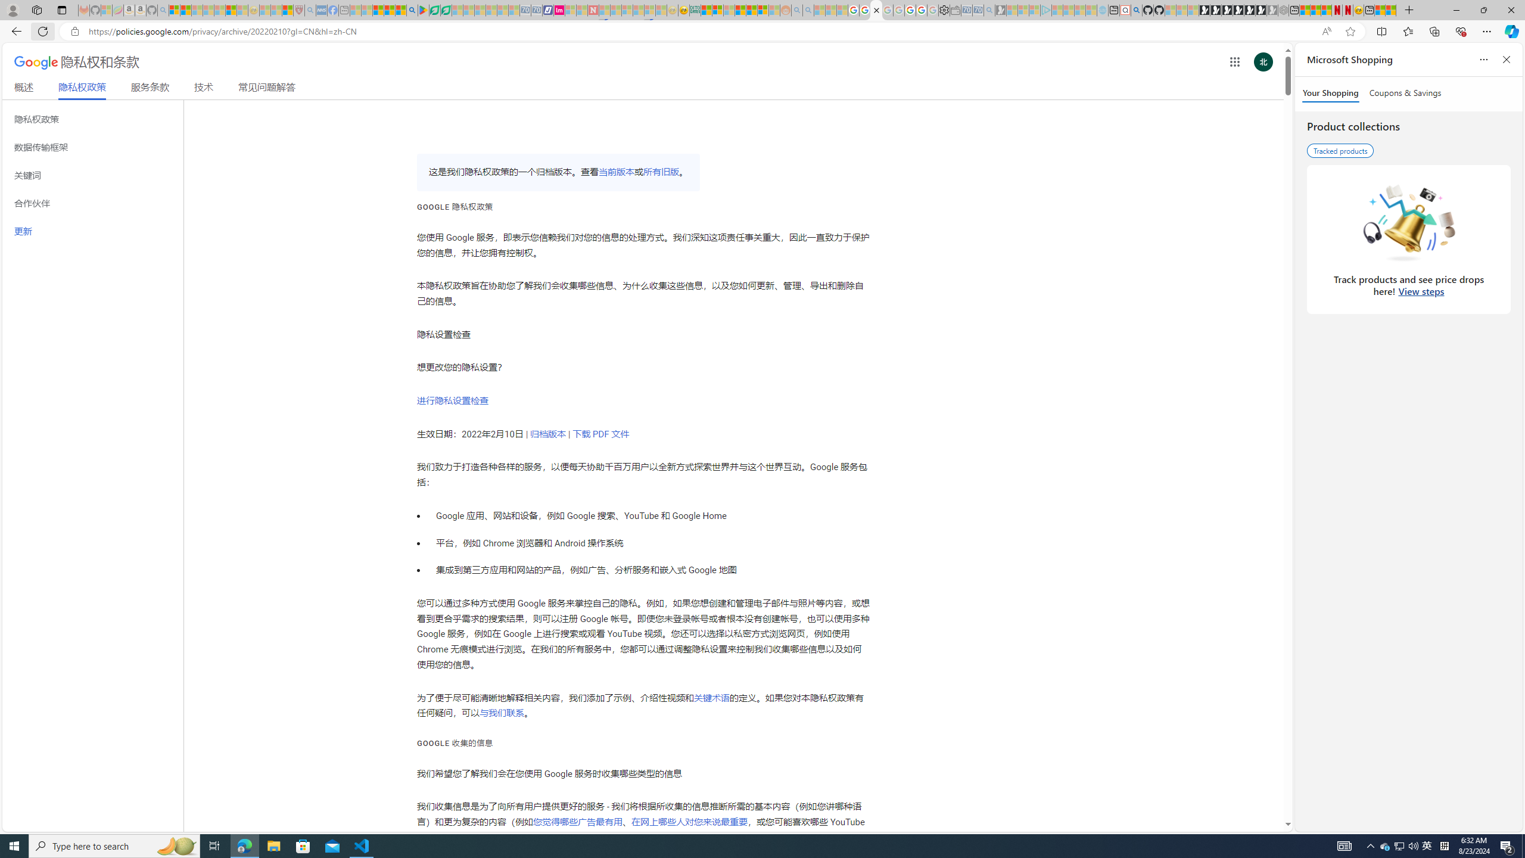  Describe the element at coordinates (1379, 10) in the screenshot. I see `'Wildlife - MSN'` at that location.